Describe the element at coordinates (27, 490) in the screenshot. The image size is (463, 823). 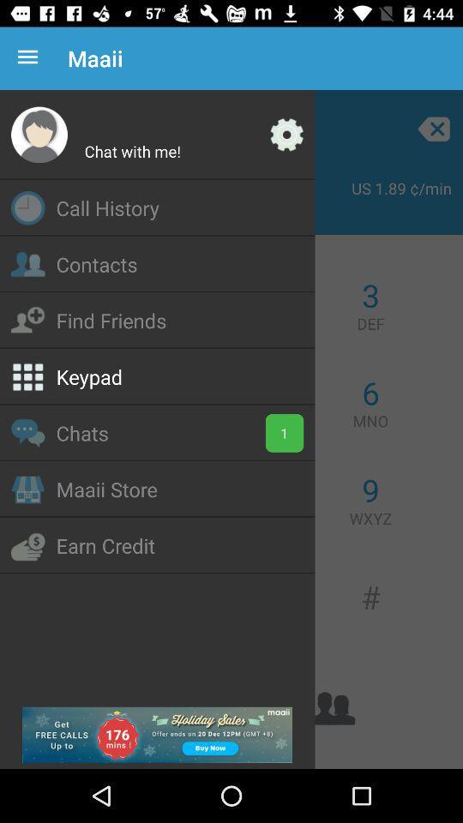
I see `icon left to maaii store` at that location.